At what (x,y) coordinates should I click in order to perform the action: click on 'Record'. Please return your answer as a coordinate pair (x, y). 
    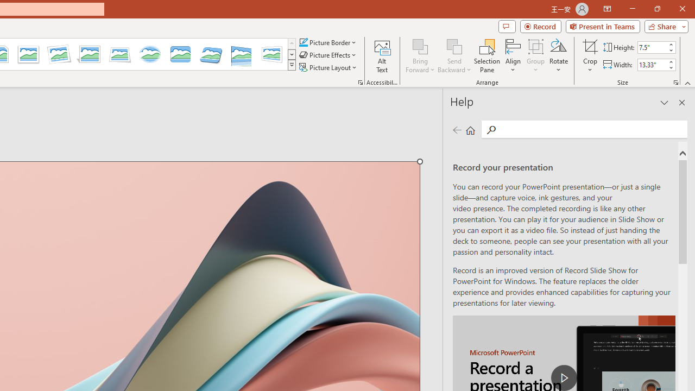
    Looking at the image, I should click on (540, 26).